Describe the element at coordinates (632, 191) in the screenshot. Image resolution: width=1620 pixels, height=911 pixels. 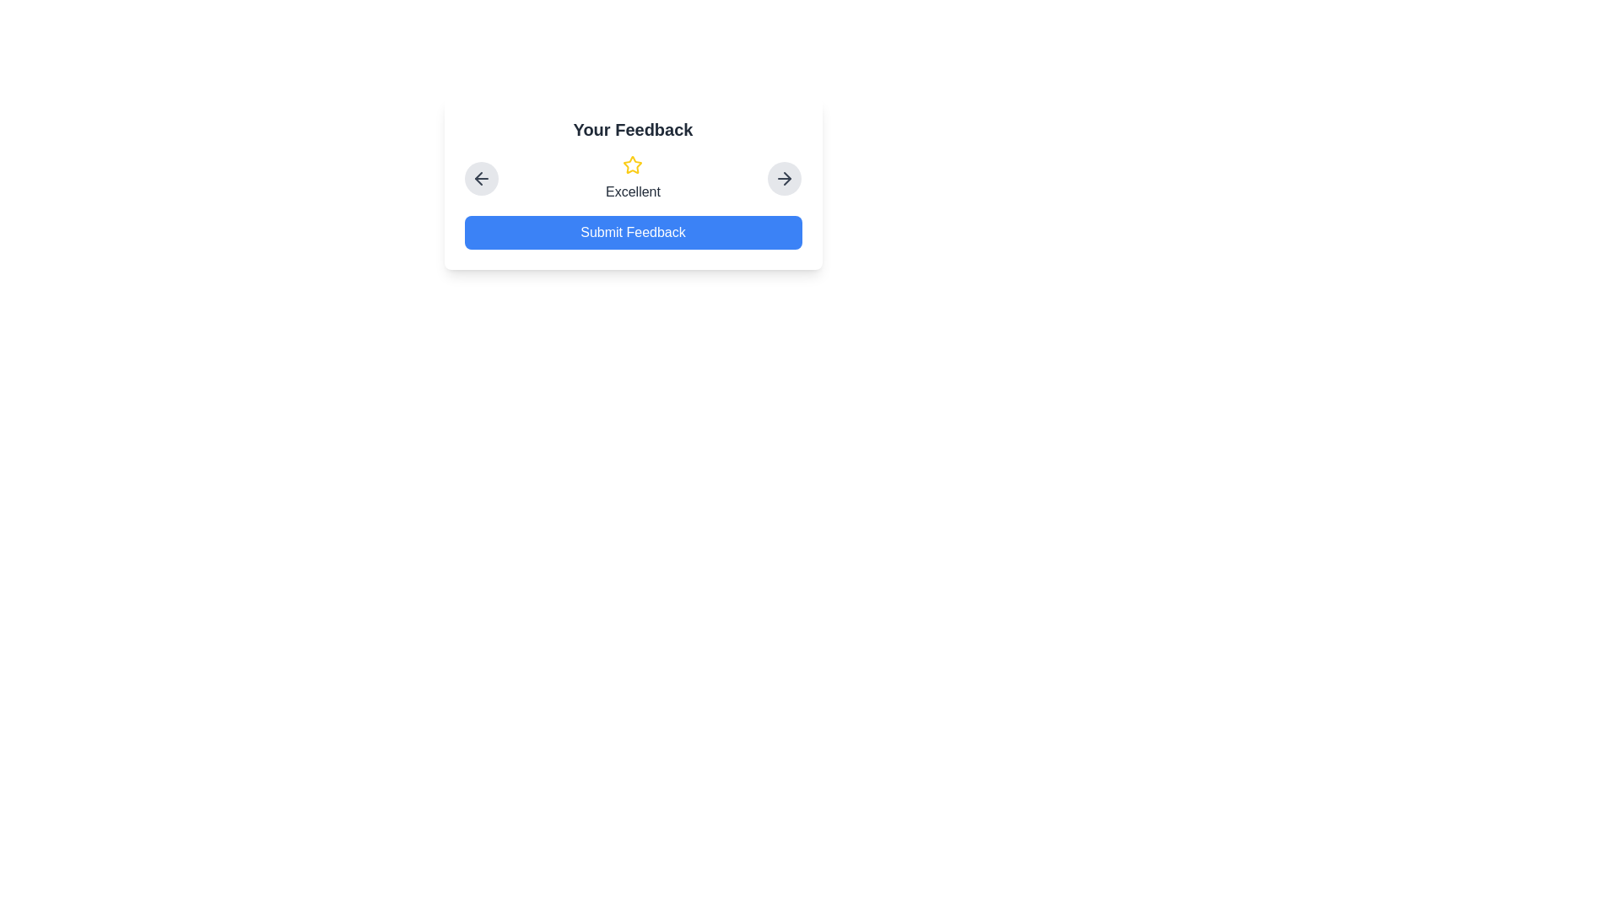
I see `the text label displaying the word 'Excellent', which is positioned below a star icon and above a blue 'Submit Feedback' button` at that location.